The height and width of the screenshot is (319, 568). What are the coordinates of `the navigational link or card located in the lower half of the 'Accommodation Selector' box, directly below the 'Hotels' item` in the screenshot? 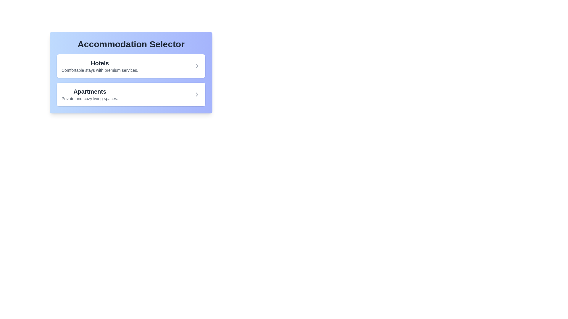 It's located at (130, 94).